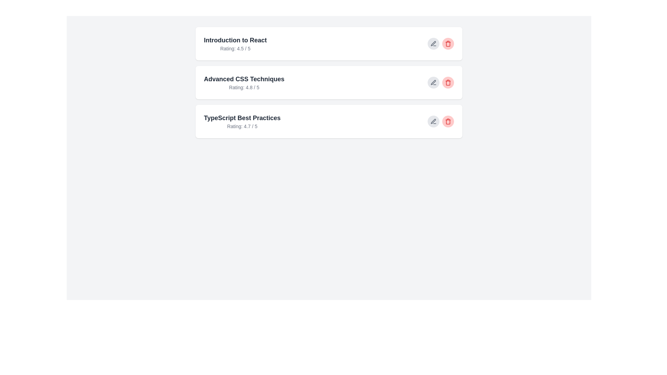  Describe the element at coordinates (448, 121) in the screenshot. I see `the trash bin icon button located at the far right of the course information row` at that location.